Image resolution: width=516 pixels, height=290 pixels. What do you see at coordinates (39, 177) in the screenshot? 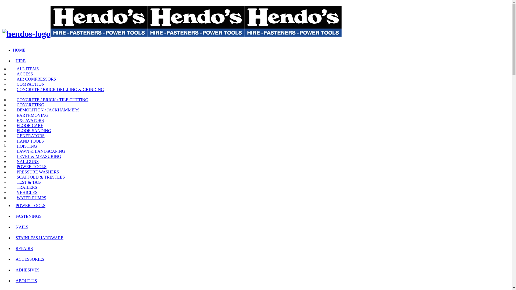
I see `'SCAFFOLD & TRESTLES'` at bounding box center [39, 177].